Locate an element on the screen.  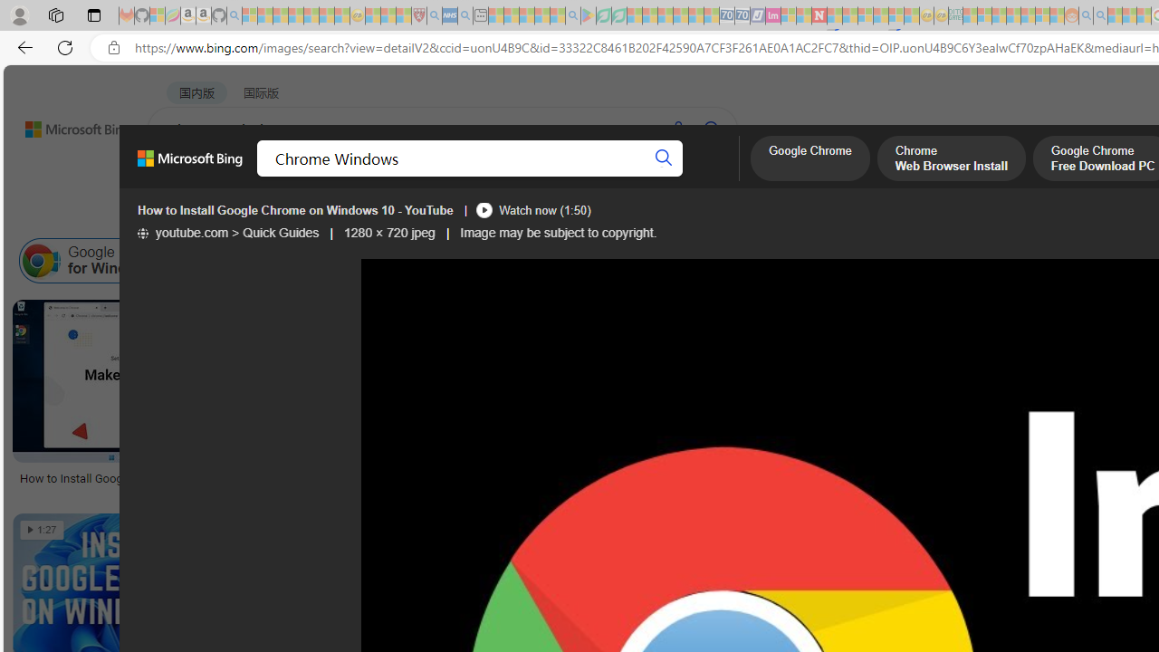
'1:27' is located at coordinates (42, 530).